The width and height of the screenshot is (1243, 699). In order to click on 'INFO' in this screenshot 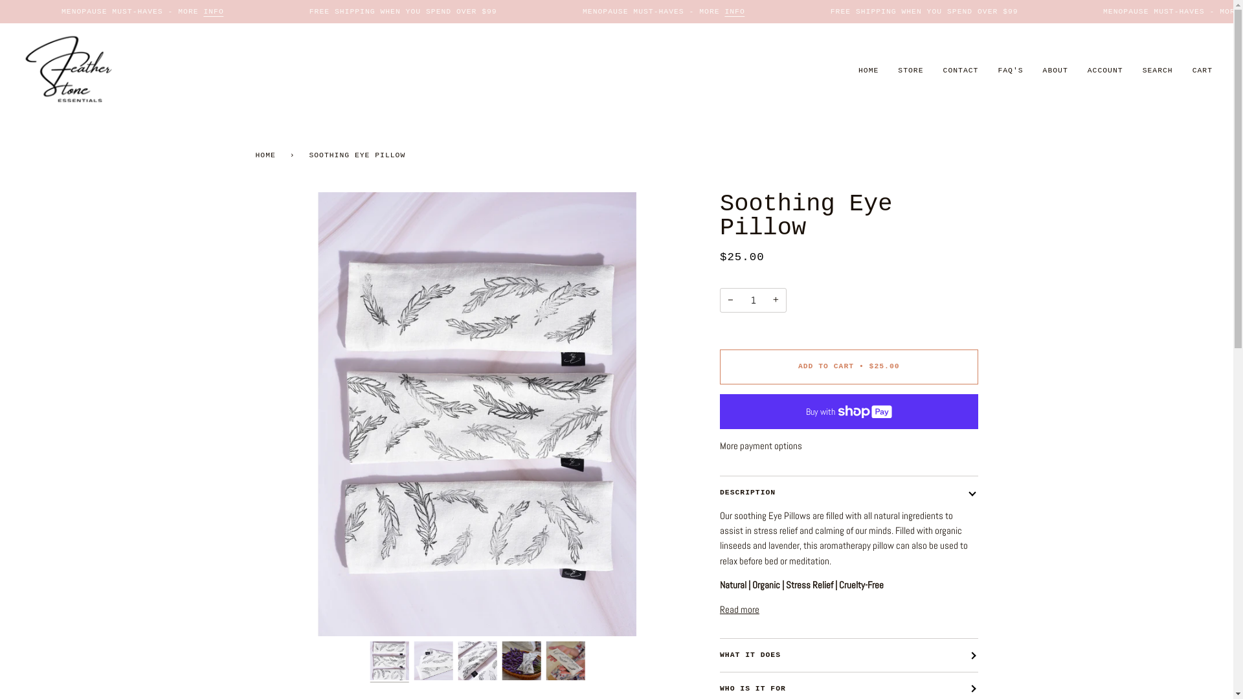, I will do `click(734, 12)`.